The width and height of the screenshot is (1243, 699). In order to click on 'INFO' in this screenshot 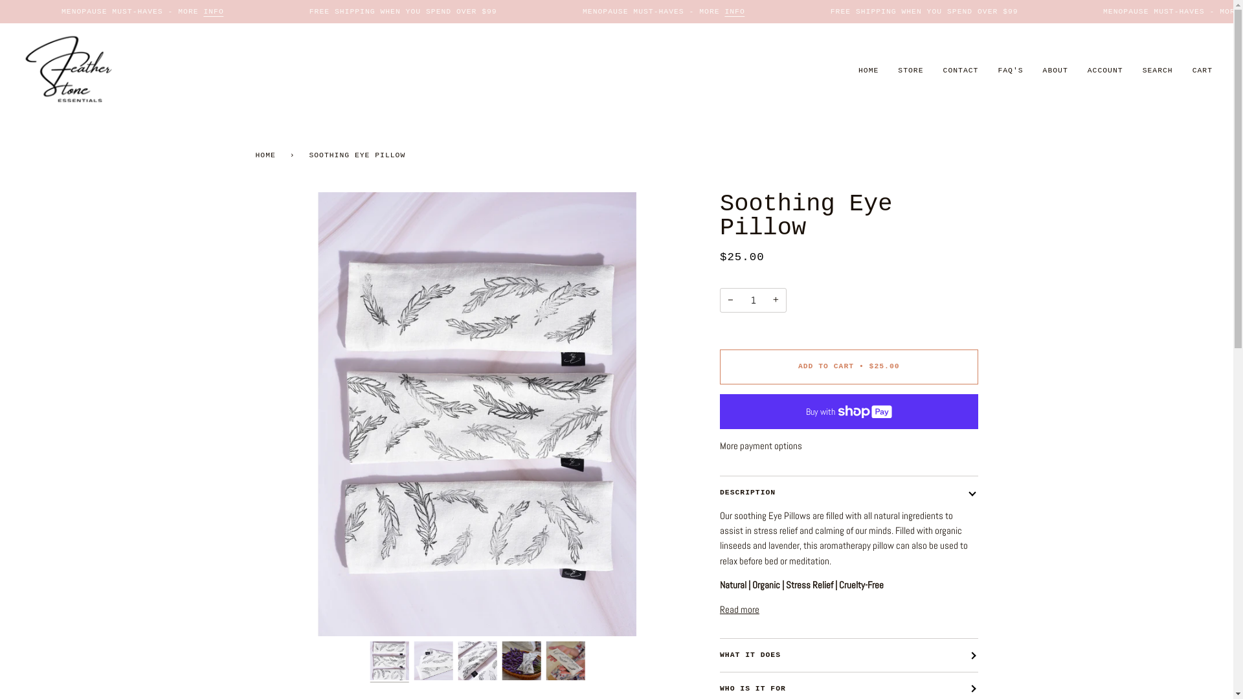, I will do `click(734, 12)`.